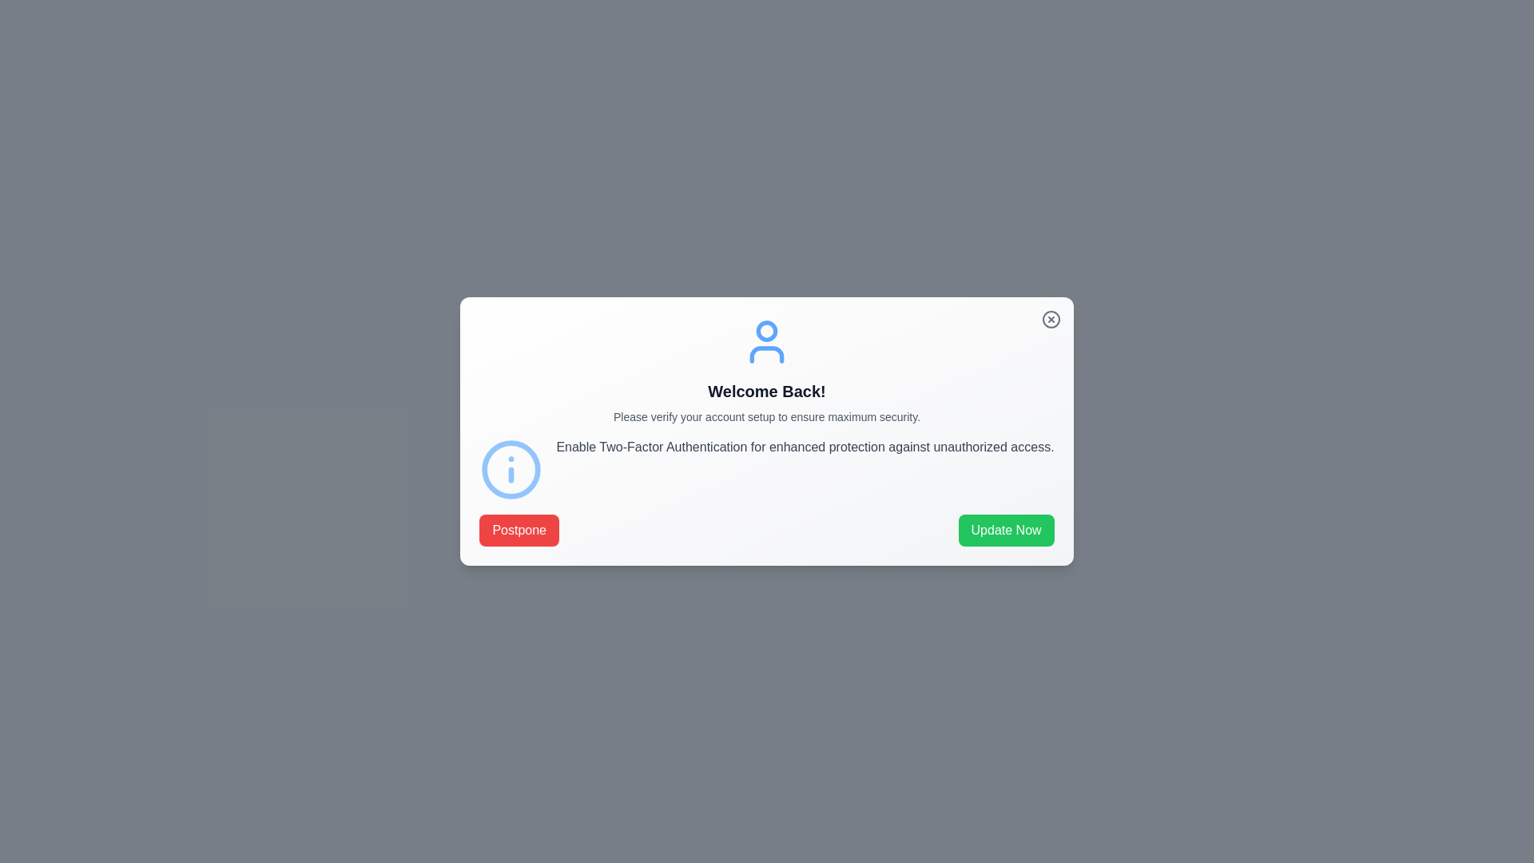 The image size is (1534, 863). I want to click on 'Update Now' button to proceed with the update, so click(1005, 530).